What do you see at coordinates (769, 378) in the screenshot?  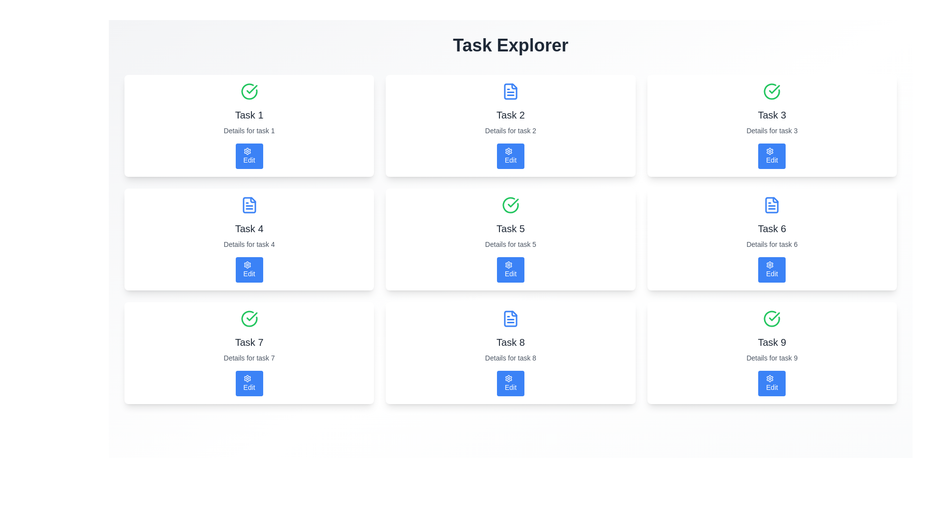 I see `the gear icon within the blue 'Edit' button located in the bottom-right quadrant of the 'Task 7' panel` at bounding box center [769, 378].